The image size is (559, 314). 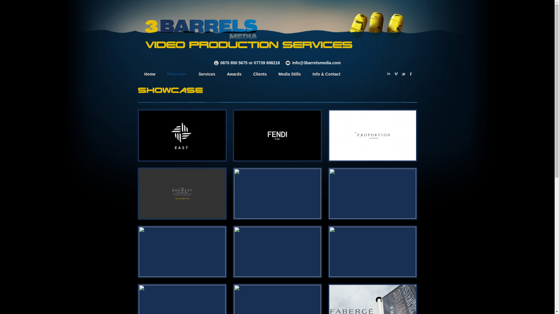 I want to click on 'Harrods Christmas Windows 2015', so click(x=373, y=251).